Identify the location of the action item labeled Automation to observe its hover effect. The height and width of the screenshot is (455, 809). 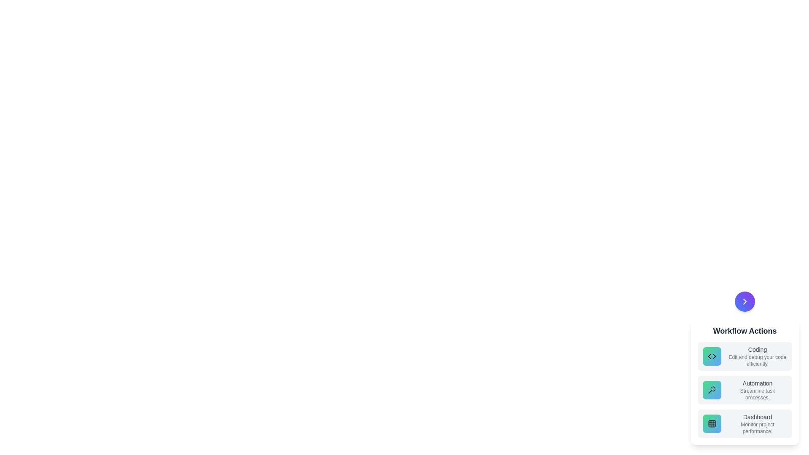
(745, 390).